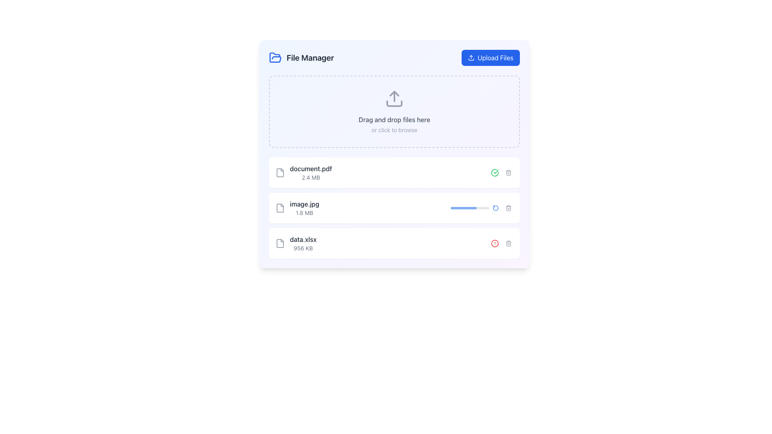  What do you see at coordinates (303, 243) in the screenshot?
I see `the text label displaying the file name 'data.xlsx' and size '956 KB', which is part of the third item in a vertically arranged list in the file management interface` at bounding box center [303, 243].